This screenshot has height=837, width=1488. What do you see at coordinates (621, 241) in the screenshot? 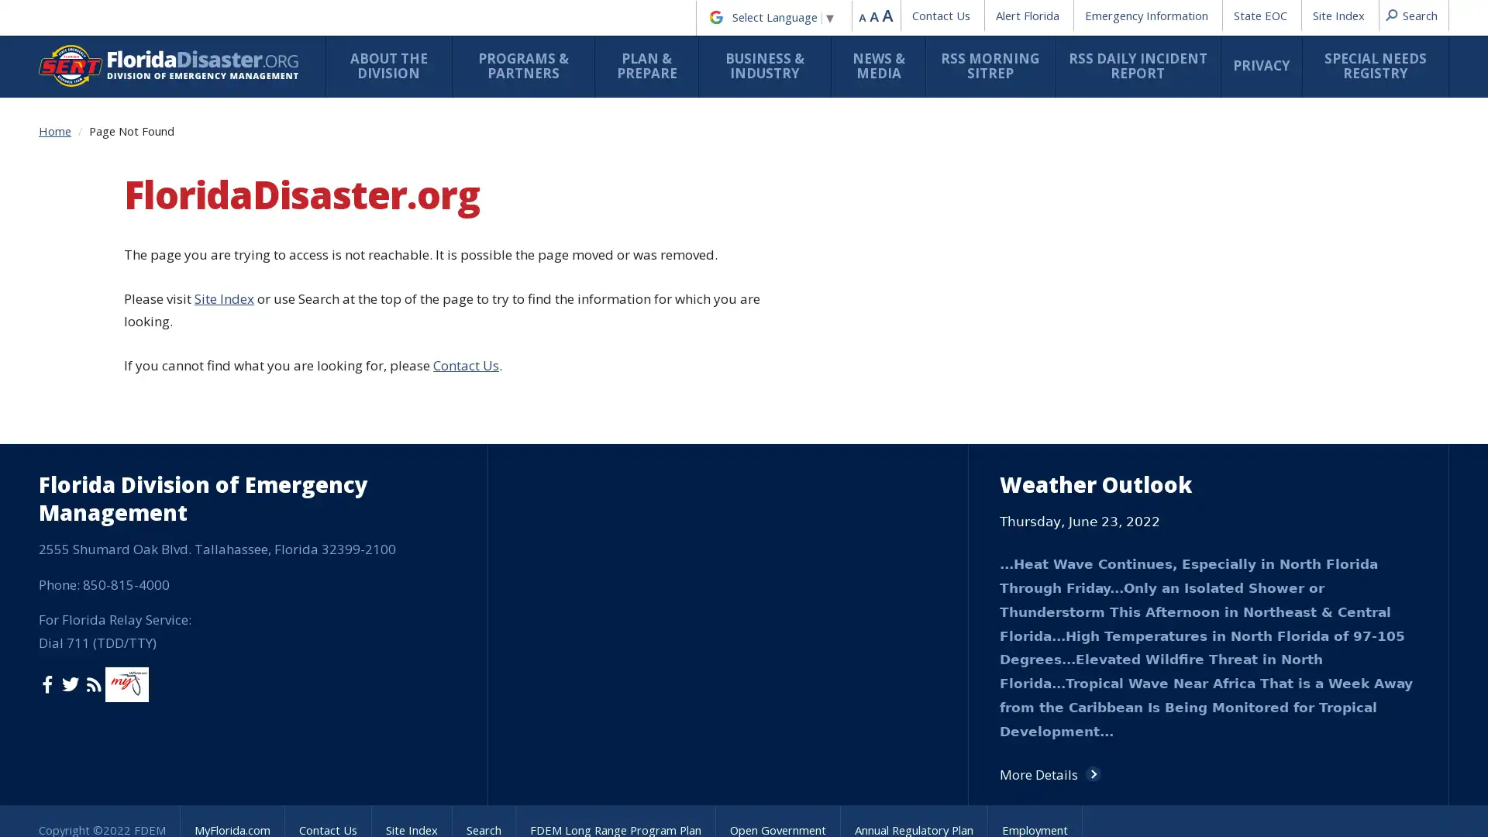
I see `Toggle More` at bounding box center [621, 241].